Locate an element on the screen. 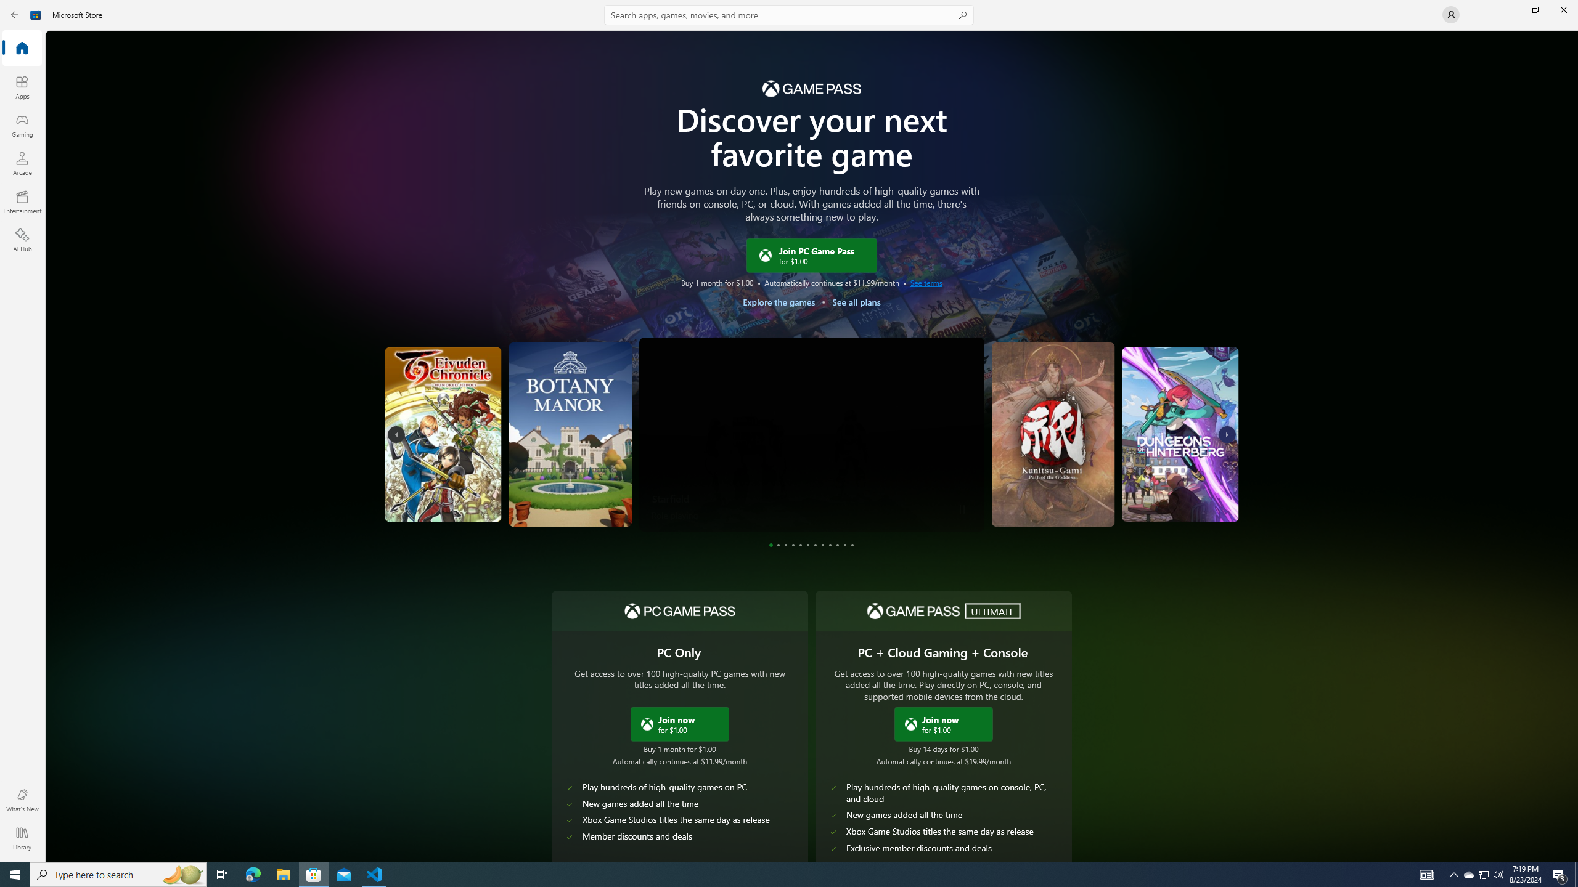  'PC Game Pass logo' is located at coordinates (679, 610).